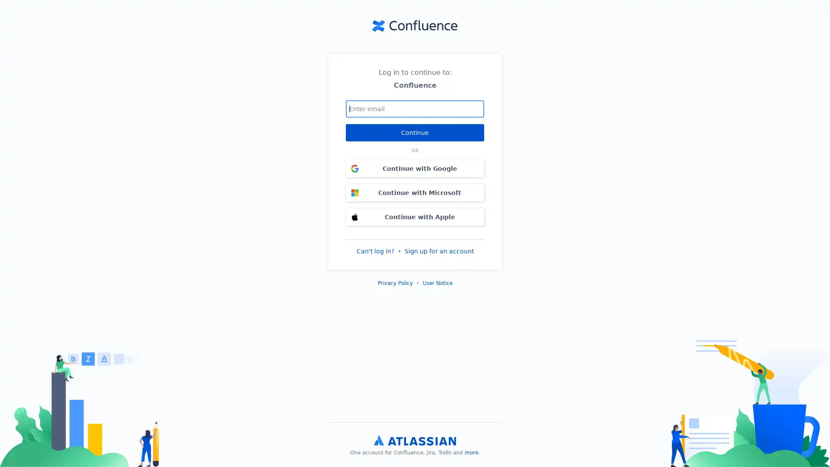  I want to click on Continue with Apple, so click(415, 216).